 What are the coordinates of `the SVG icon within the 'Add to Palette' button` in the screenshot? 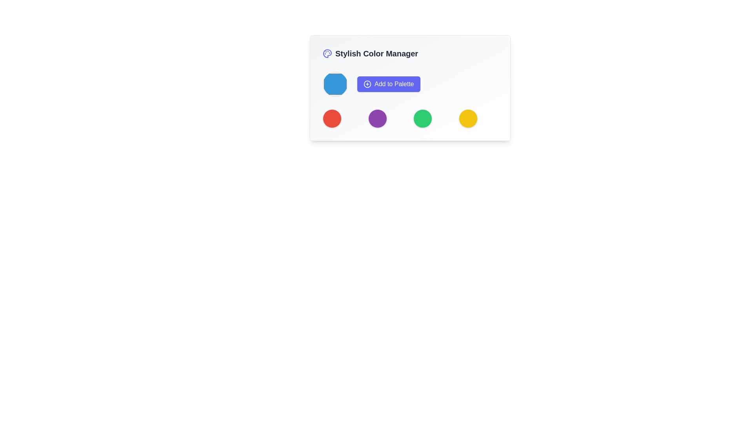 It's located at (367, 84).